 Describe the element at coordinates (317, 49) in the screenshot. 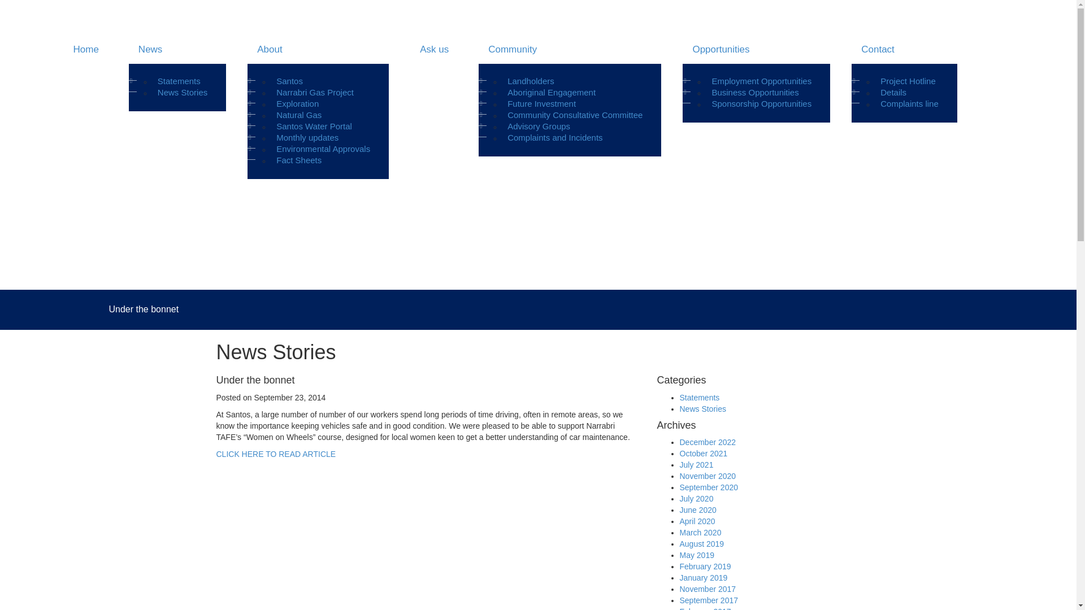

I see `'About'` at that location.